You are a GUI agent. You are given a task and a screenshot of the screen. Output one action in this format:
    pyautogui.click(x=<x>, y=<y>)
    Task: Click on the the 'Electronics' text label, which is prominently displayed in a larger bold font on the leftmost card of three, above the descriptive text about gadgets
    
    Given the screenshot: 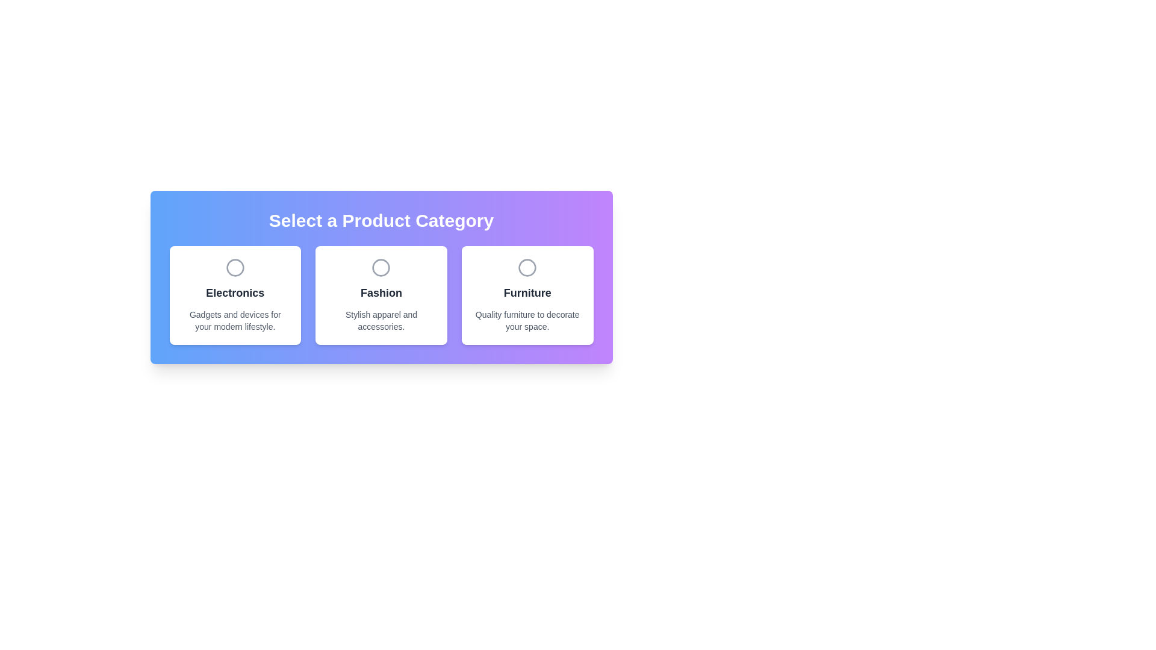 What is the action you would take?
    pyautogui.click(x=235, y=292)
    